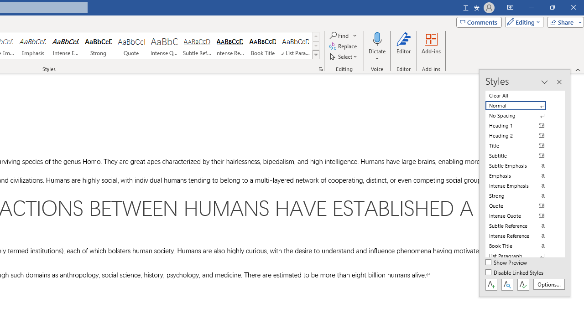 The width and height of the screenshot is (584, 328). What do you see at coordinates (521, 105) in the screenshot?
I see `'Normal'` at bounding box center [521, 105].